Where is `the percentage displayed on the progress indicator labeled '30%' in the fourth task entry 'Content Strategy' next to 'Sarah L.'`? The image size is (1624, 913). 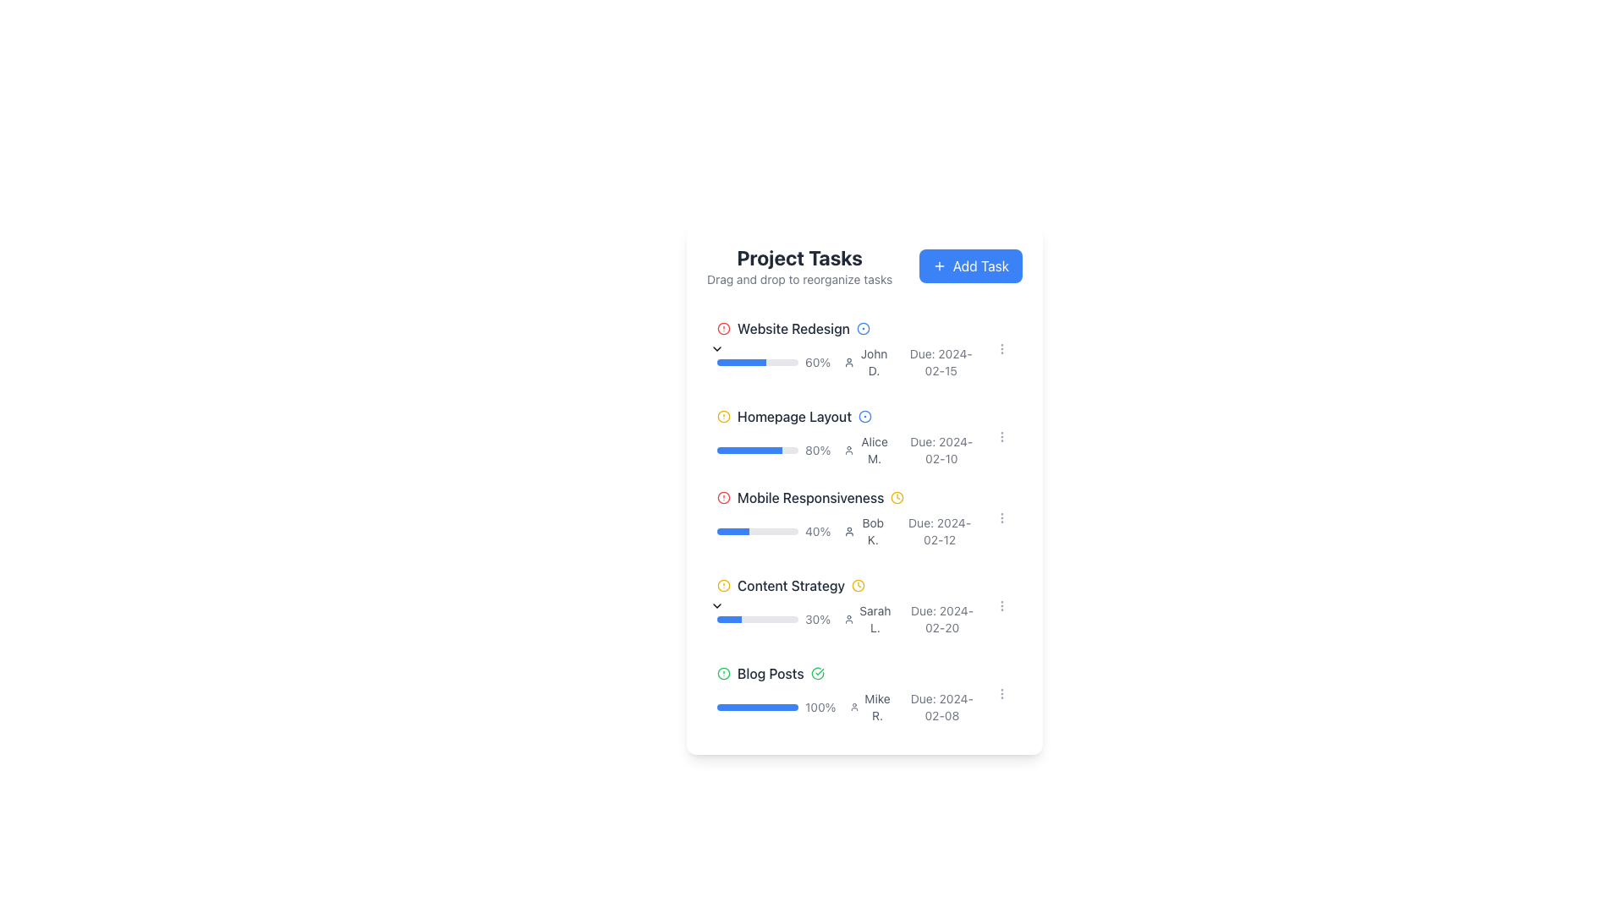
the percentage displayed on the progress indicator labeled '30%' in the fourth task entry 'Content Strategy' next to 'Sarah L.' is located at coordinates (773, 619).